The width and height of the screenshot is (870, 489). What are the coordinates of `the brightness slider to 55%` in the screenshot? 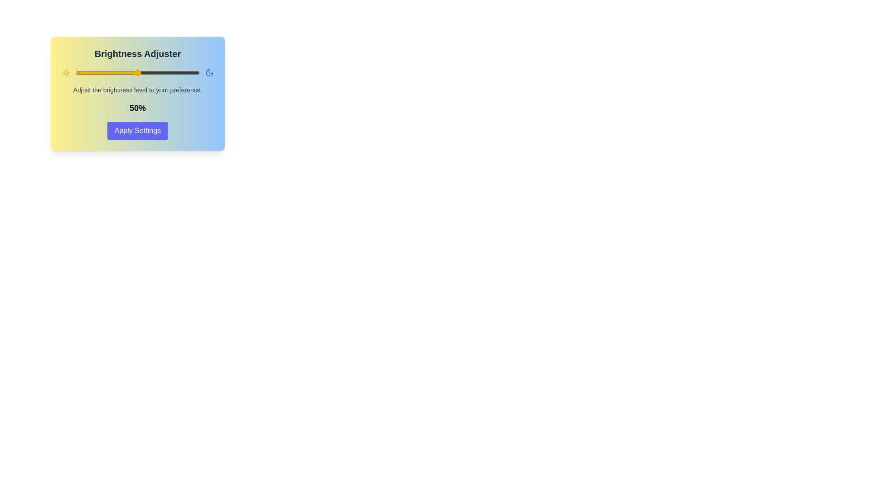 It's located at (143, 72).